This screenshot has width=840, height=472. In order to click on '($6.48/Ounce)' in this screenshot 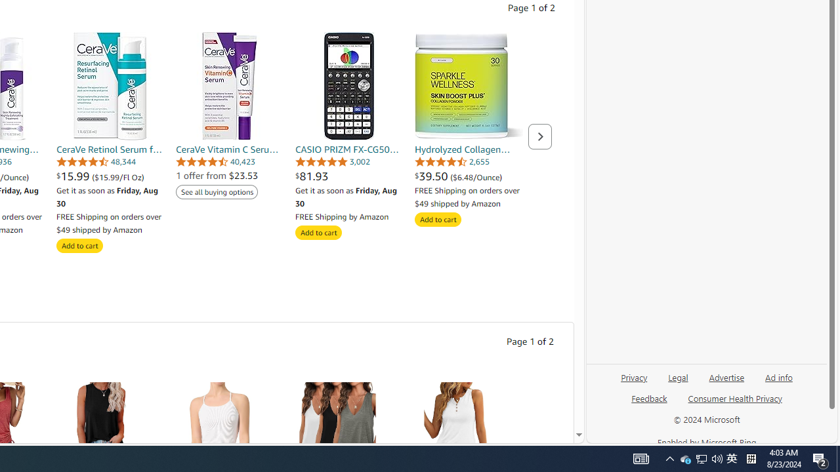, I will do `click(475, 177)`.